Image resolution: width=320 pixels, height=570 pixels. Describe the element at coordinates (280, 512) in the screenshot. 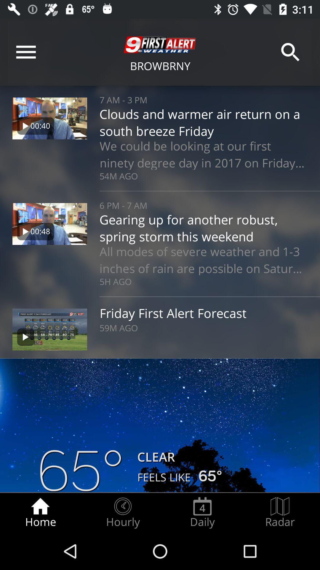

I see `radio button at the bottom right corner` at that location.